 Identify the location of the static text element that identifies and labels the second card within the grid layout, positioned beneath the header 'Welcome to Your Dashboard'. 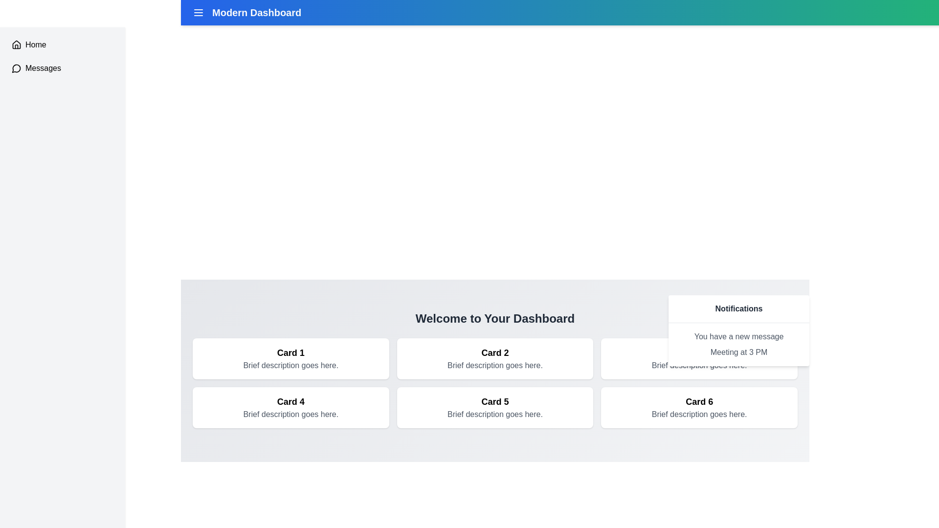
(495, 352).